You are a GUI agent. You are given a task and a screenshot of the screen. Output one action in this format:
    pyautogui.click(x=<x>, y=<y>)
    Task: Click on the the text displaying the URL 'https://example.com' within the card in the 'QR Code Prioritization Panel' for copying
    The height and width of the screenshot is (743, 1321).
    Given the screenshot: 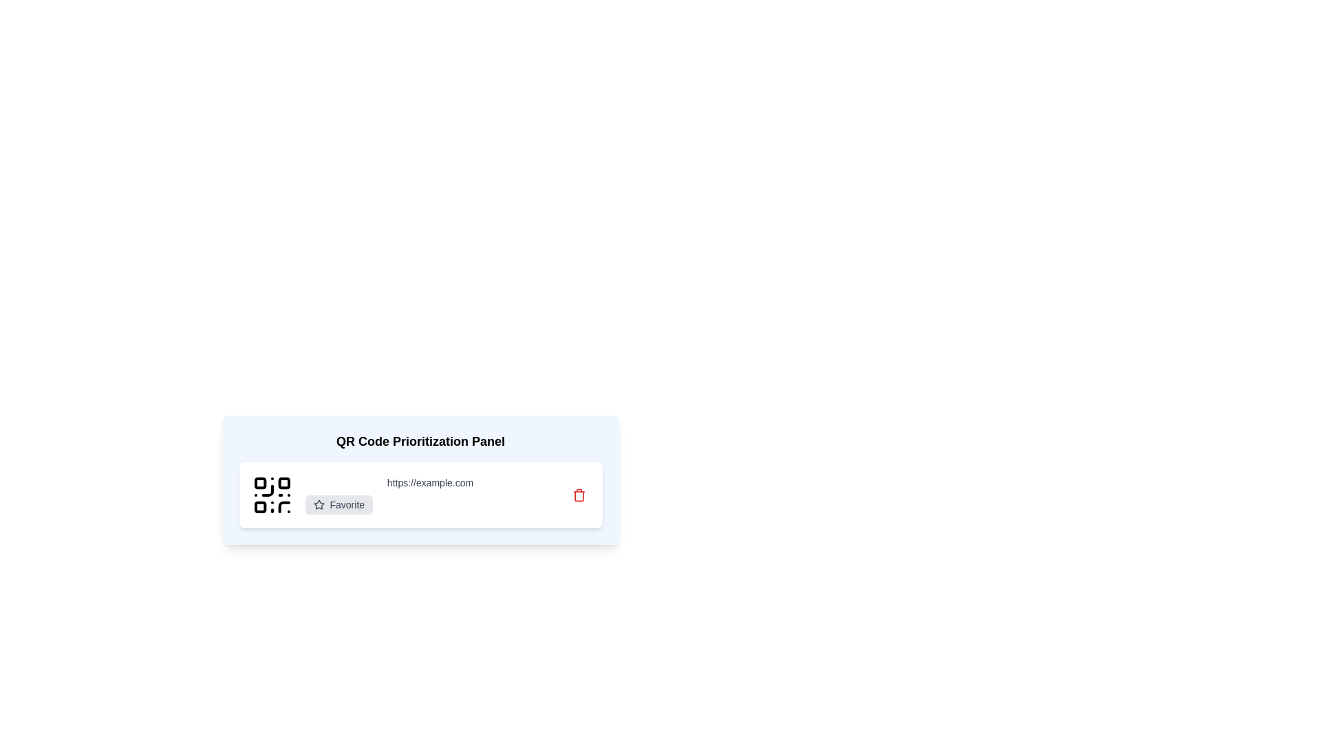 What is the action you would take?
    pyautogui.click(x=429, y=495)
    